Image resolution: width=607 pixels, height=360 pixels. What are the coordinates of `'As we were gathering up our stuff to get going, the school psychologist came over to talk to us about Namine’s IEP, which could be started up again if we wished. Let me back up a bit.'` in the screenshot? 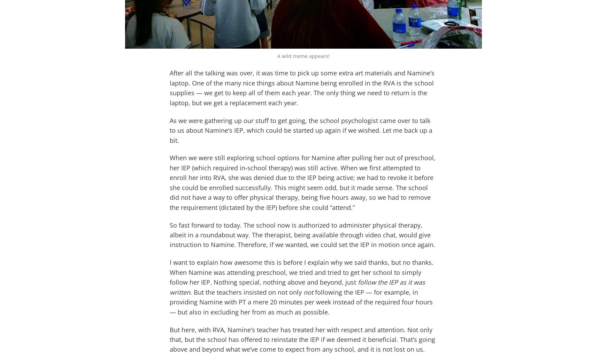 It's located at (301, 130).